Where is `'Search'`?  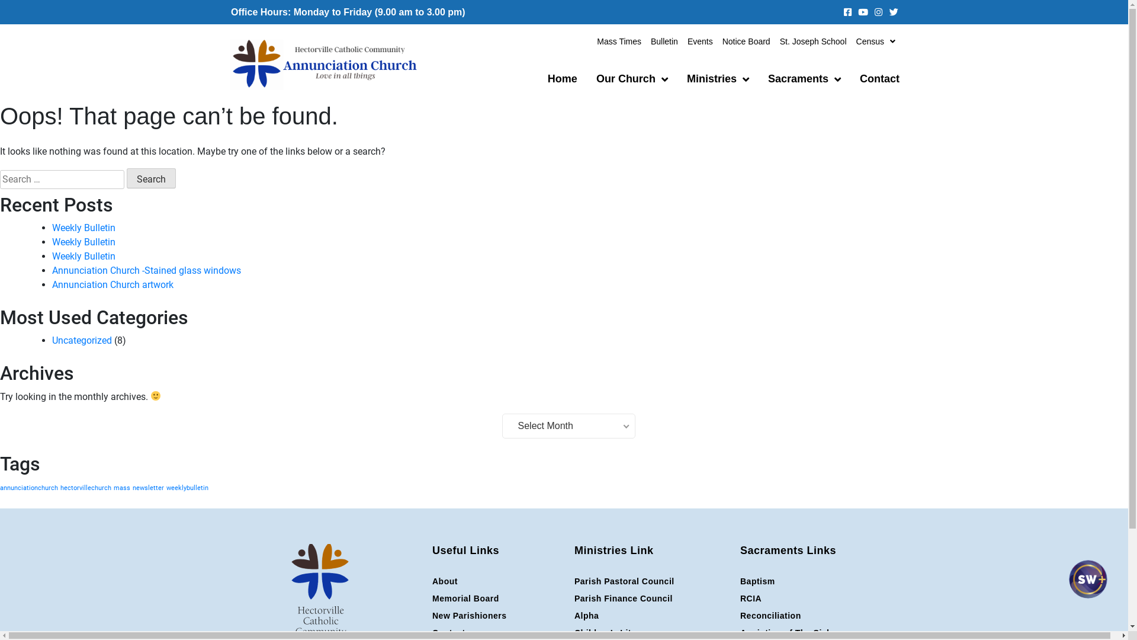
'Search' is located at coordinates (150, 178).